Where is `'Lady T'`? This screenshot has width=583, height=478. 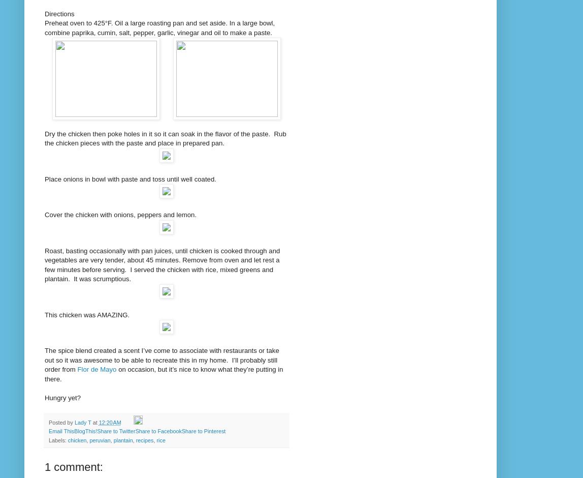 'Lady T' is located at coordinates (83, 422).